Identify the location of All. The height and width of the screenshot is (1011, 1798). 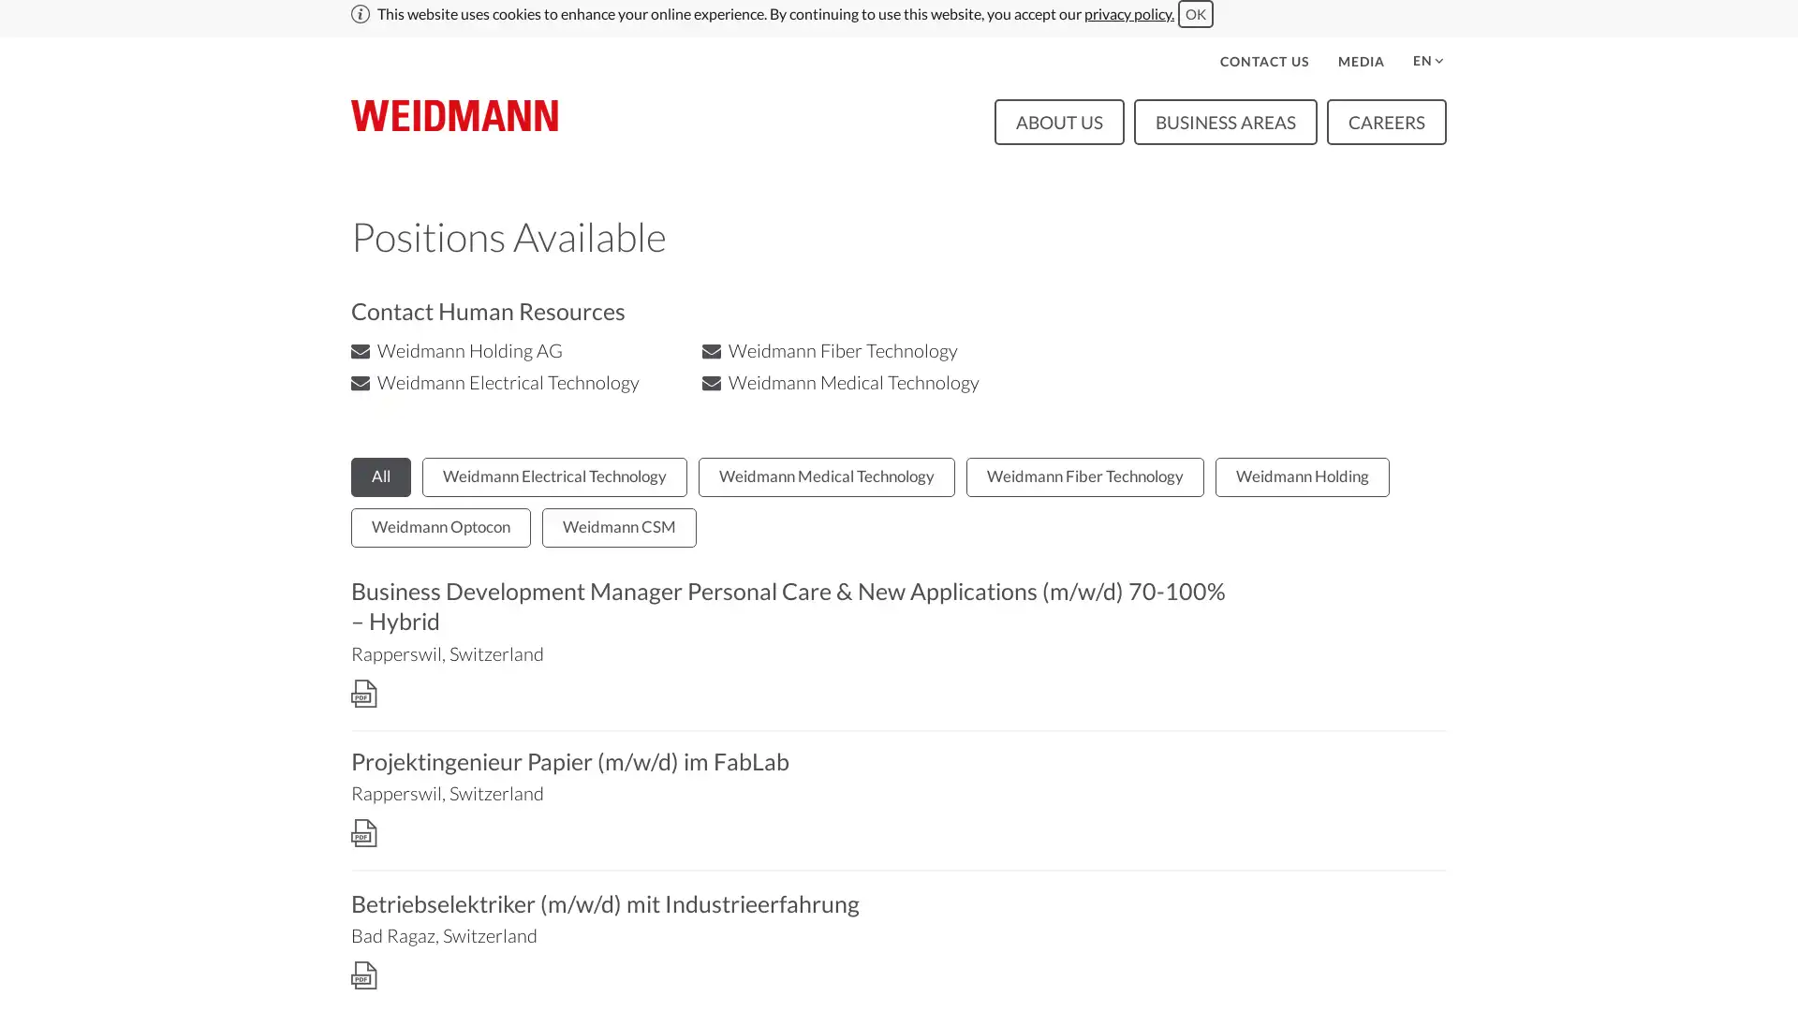
(380, 439).